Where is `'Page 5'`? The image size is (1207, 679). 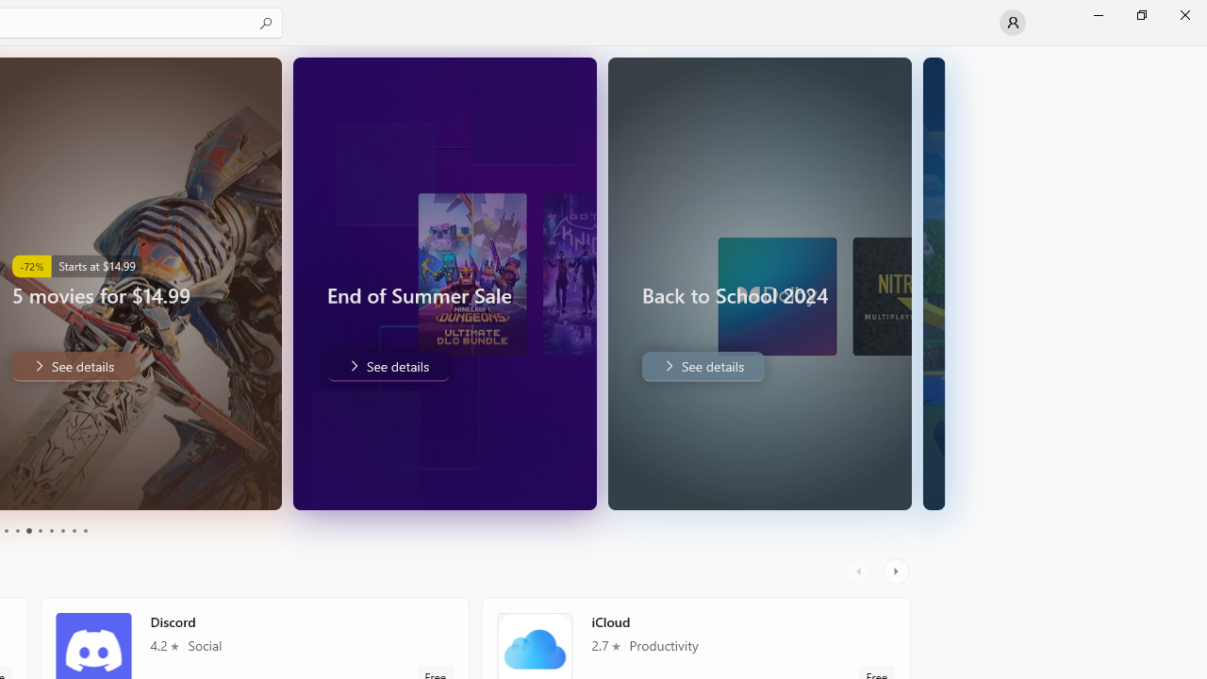 'Page 5' is located at coordinates (28, 531).